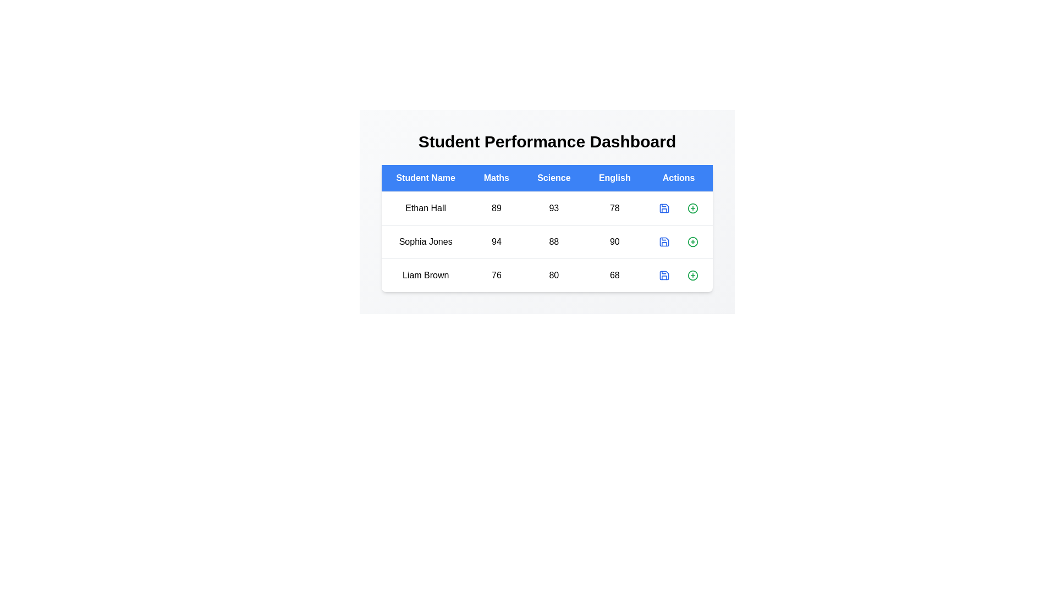 This screenshot has width=1056, height=594. What do you see at coordinates (664, 241) in the screenshot?
I see `'Save' button for the student identified by Sophia Jones` at bounding box center [664, 241].